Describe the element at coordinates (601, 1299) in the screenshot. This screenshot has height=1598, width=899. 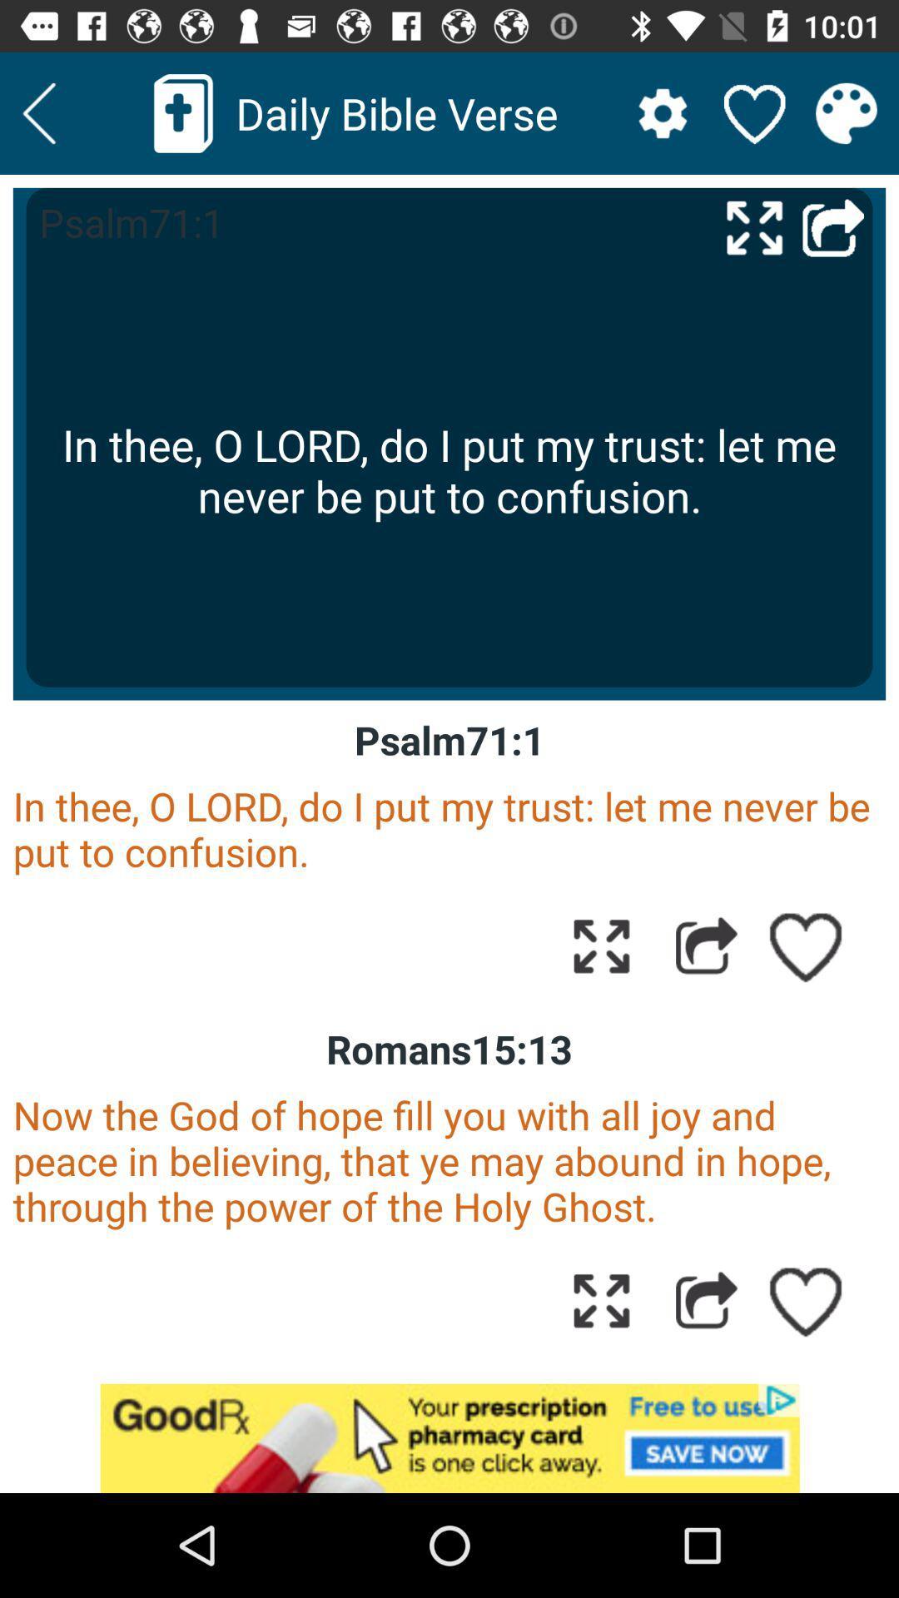
I see `expand` at that location.